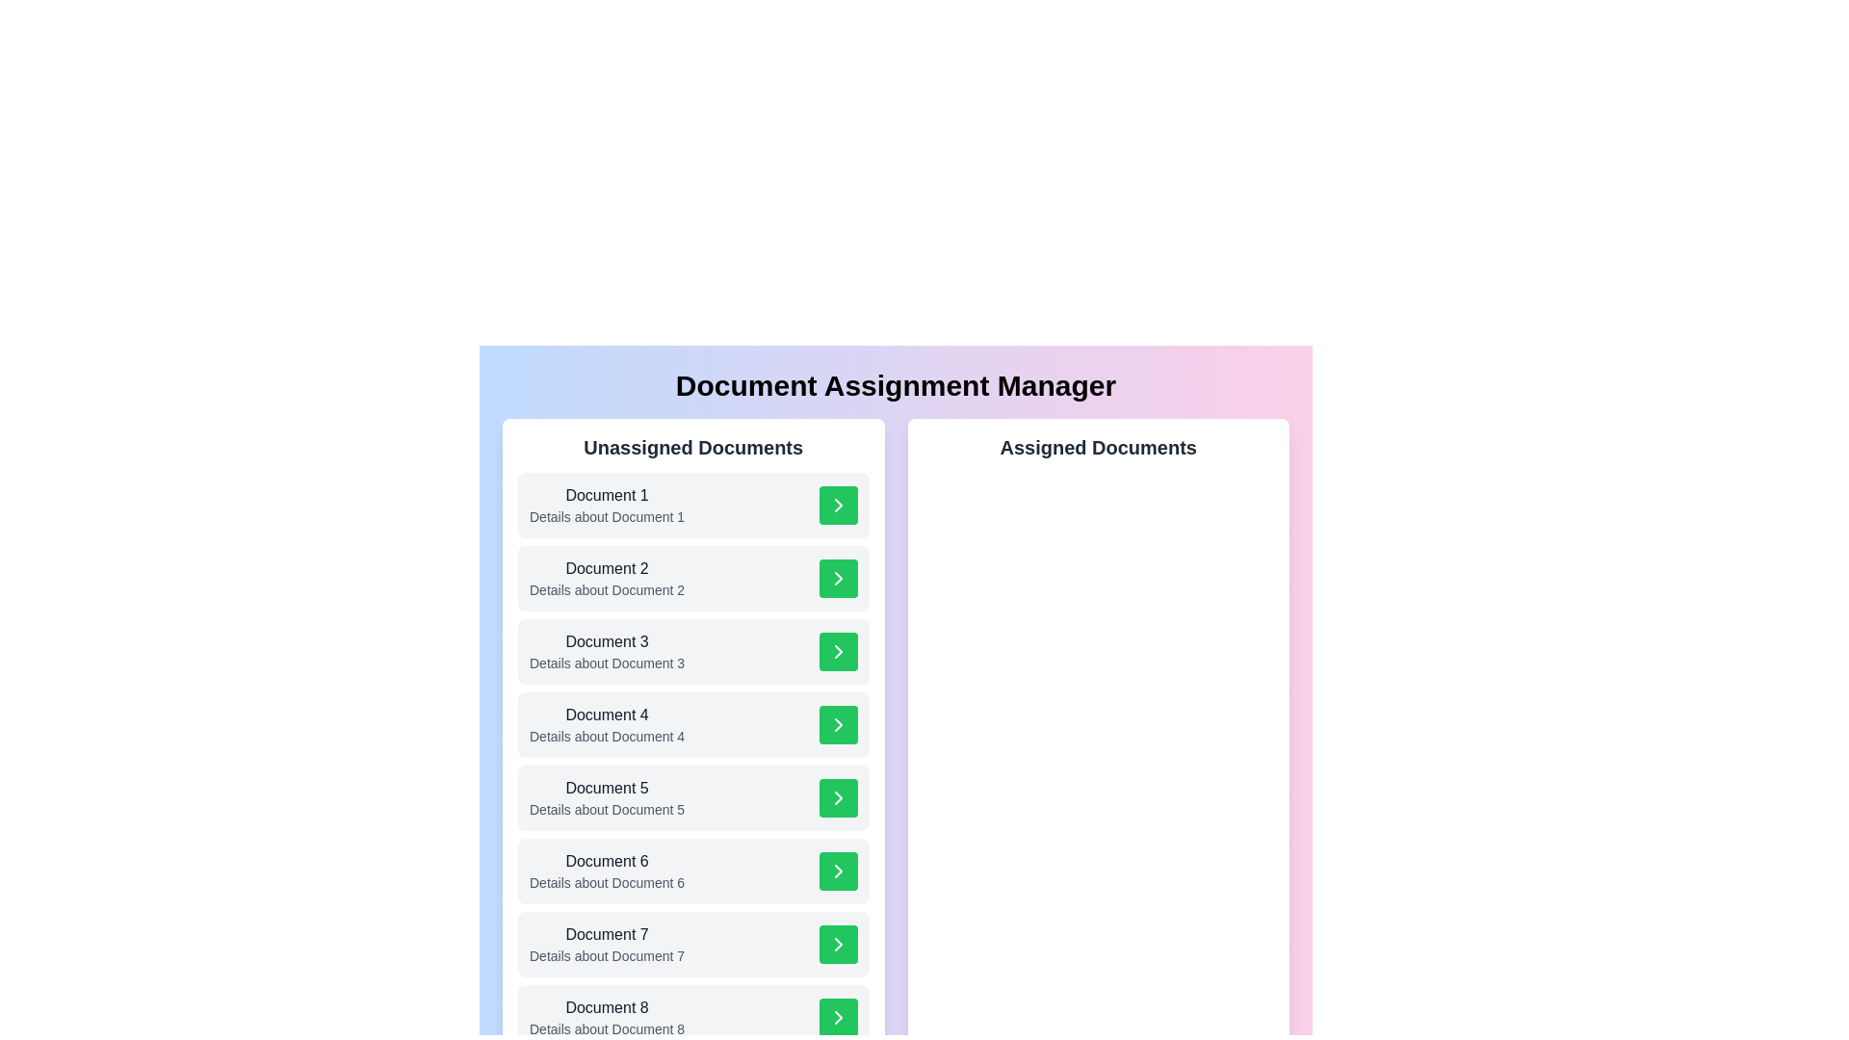  I want to click on the chevron or arrow icon representing a navigation or selection action for 'Document 2', which is positioned at the right edge of the second list entry under 'Unassigned Documents', so click(838, 578).